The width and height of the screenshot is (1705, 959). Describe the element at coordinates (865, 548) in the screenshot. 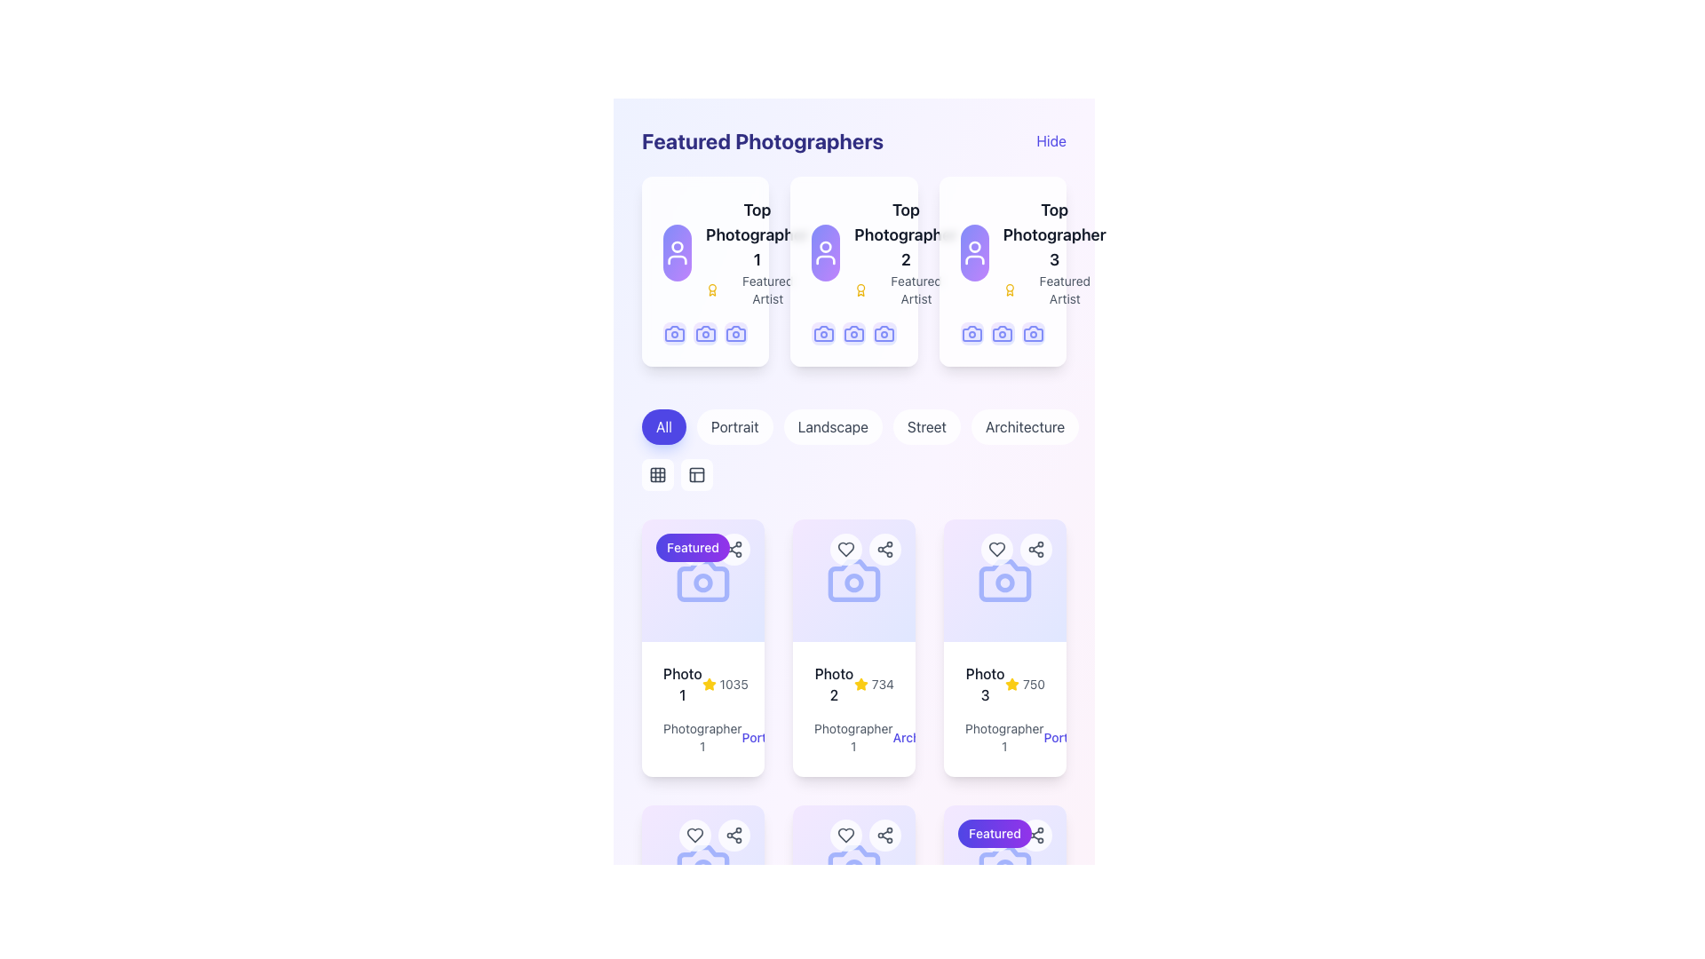

I see `the grouped control component containing two buttons/icons resembling a heart and a share symbol located at the top-right corner of the second card in the second row of a grid layout` at that location.